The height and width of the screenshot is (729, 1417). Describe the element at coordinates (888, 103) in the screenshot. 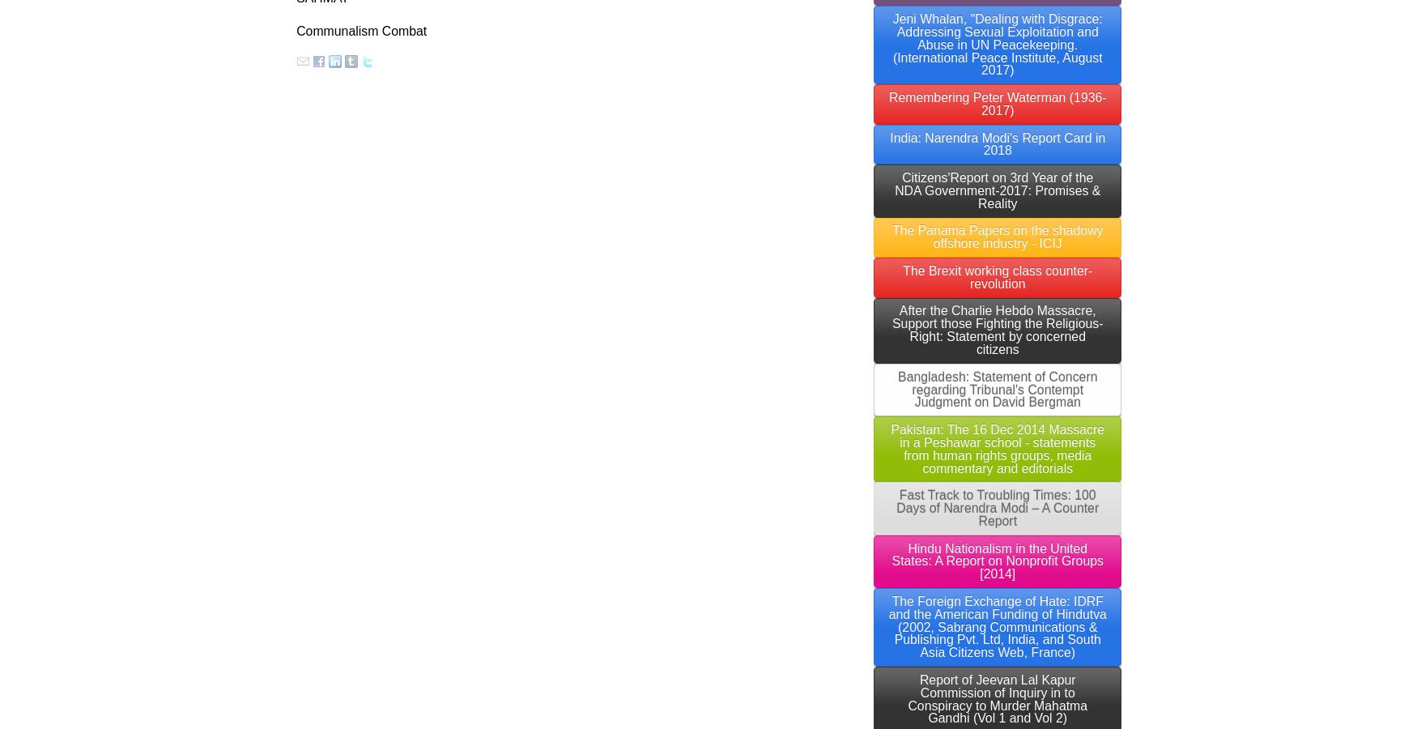

I see `'Remembering Peter Waterman (1936-2017)'` at that location.